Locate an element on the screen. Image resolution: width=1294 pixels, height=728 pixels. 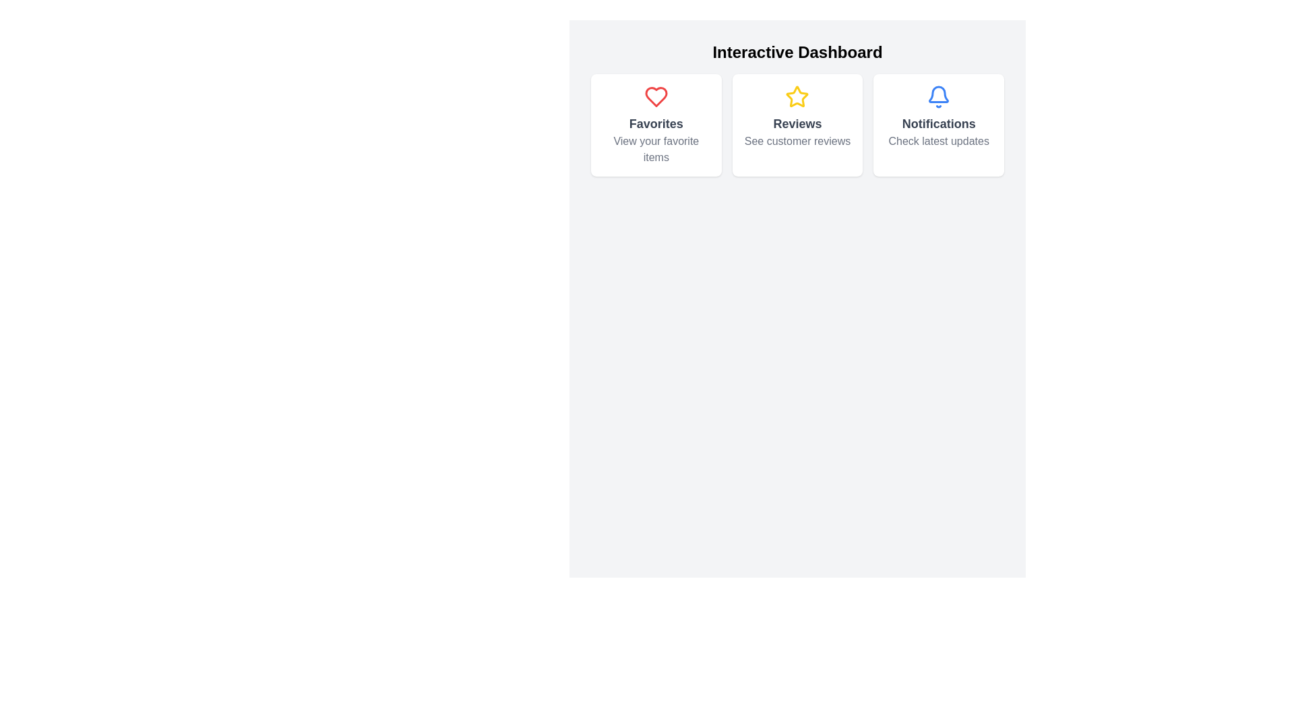
the gray-colored text label that says 'Check latest updates' located under the 'Notifications' section within the card component is located at coordinates (938, 141).